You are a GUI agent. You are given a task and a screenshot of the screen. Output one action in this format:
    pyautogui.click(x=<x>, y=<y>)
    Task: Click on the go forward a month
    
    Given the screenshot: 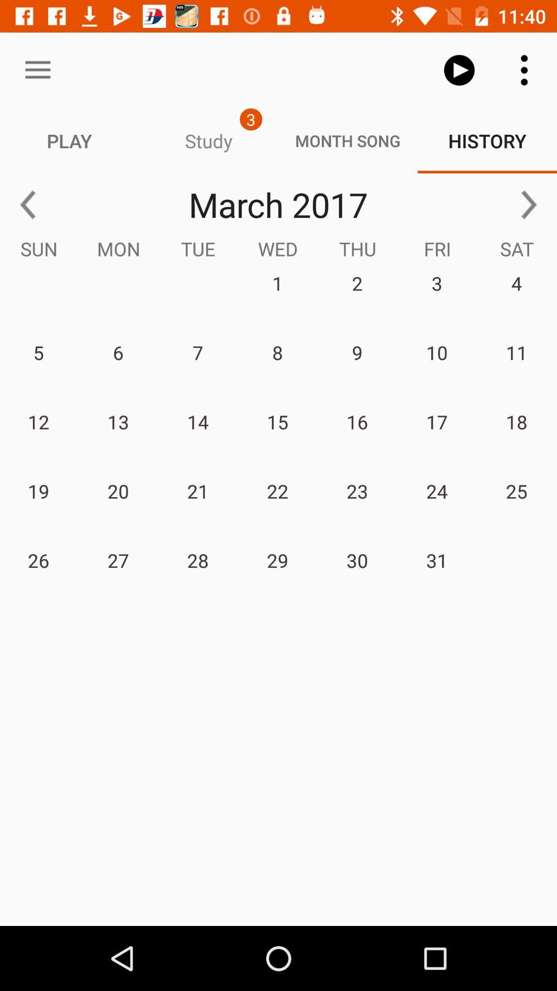 What is the action you would take?
    pyautogui.click(x=529, y=204)
    